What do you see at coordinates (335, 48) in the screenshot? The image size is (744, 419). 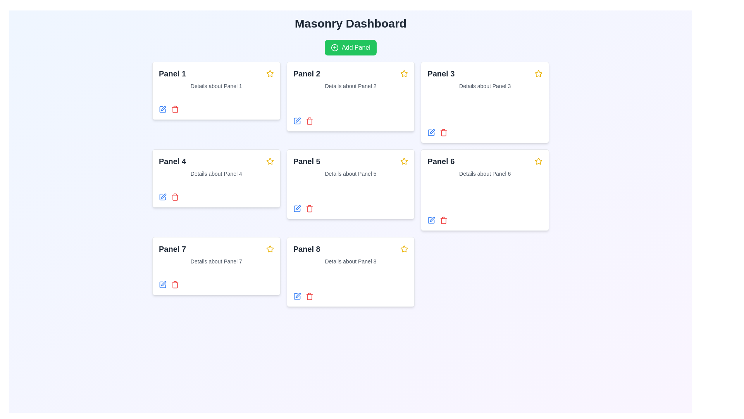 I see `the Icon element located on the left side of the 'Add Panel' button, which emphasizes the action of adding a new panel` at bounding box center [335, 48].